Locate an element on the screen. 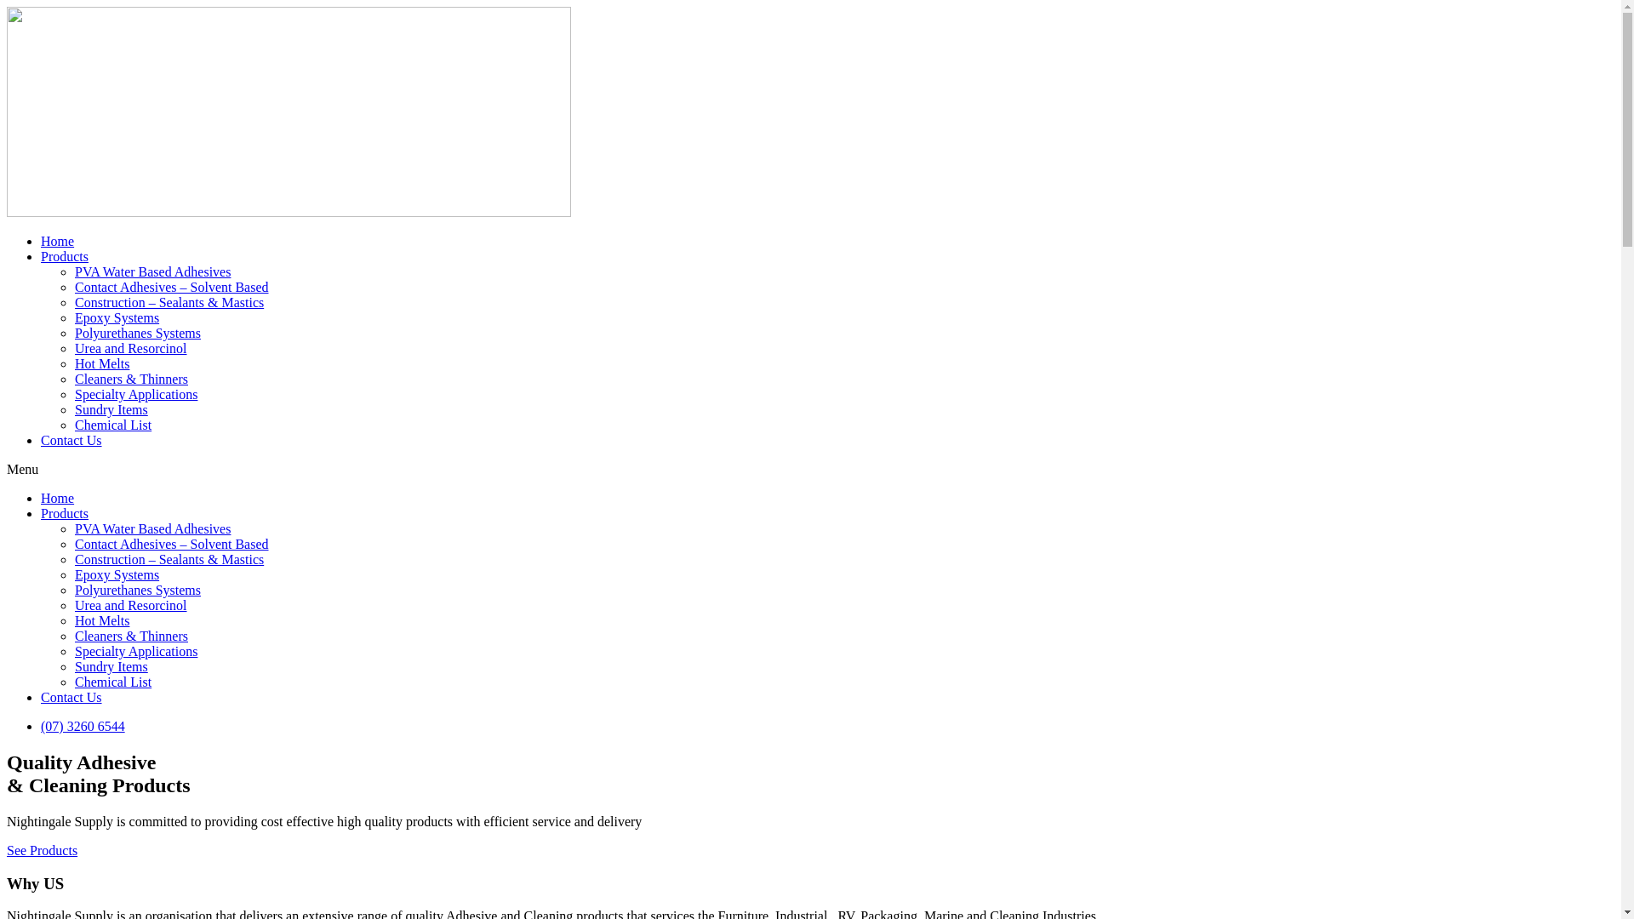 This screenshot has width=1634, height=919. 'Sundry Items' is located at coordinates (110, 665).